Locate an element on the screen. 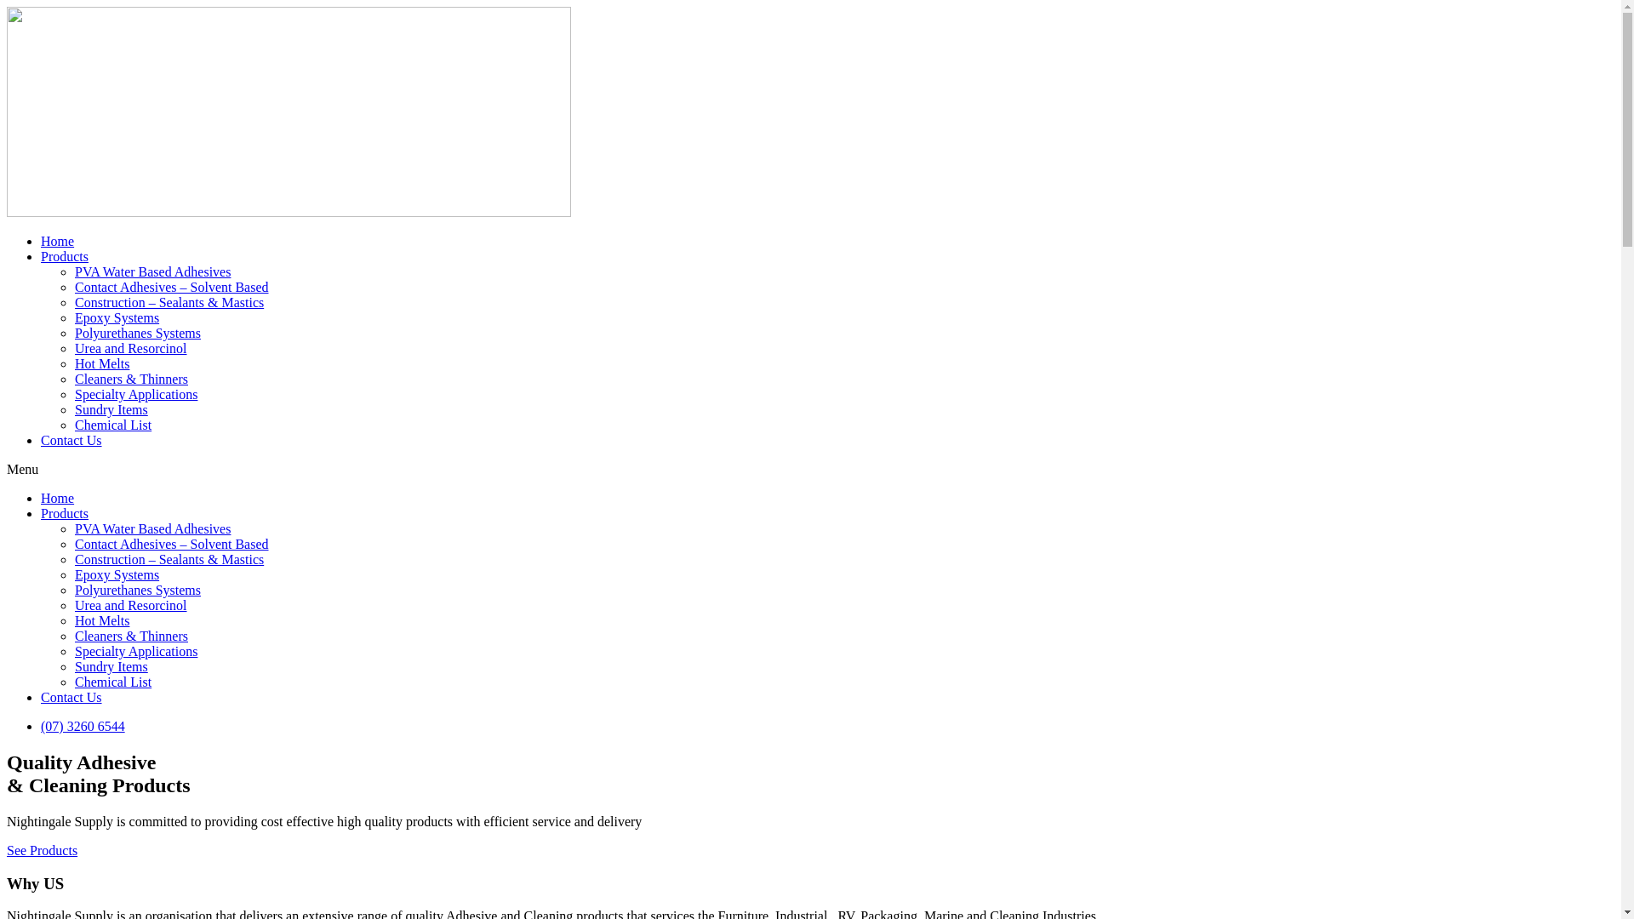 This screenshot has width=1634, height=919. 'Sundry Items' is located at coordinates (110, 665).